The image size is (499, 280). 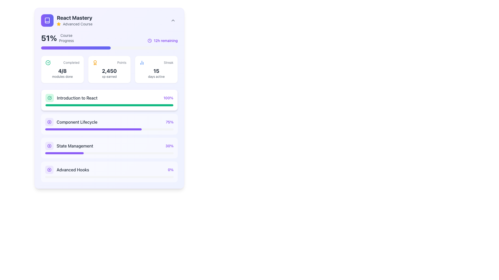 What do you see at coordinates (121, 62) in the screenshot?
I see `the static text label indicating the type of achievement or metric, located to the right of the golden award icon in the top section of the layout` at bounding box center [121, 62].